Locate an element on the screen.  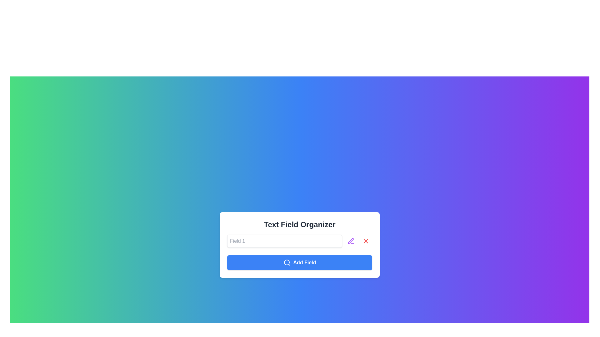
the purple pen icon located to the right of the text input field labeled 'Field 1', which is aligned with the text field and positioned just left of the red 'X' icon is located at coordinates (351, 241).